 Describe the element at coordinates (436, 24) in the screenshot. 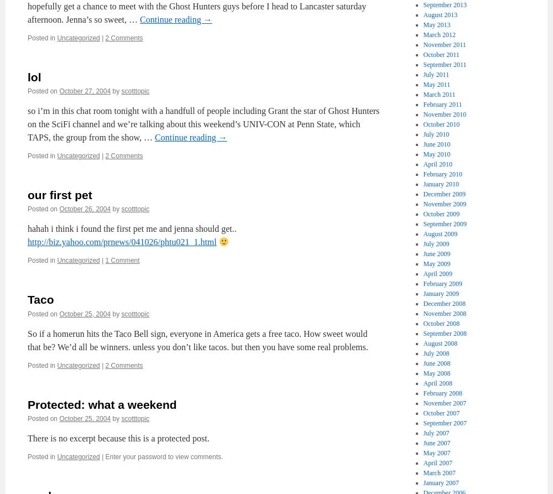

I see `'May 2013'` at that location.